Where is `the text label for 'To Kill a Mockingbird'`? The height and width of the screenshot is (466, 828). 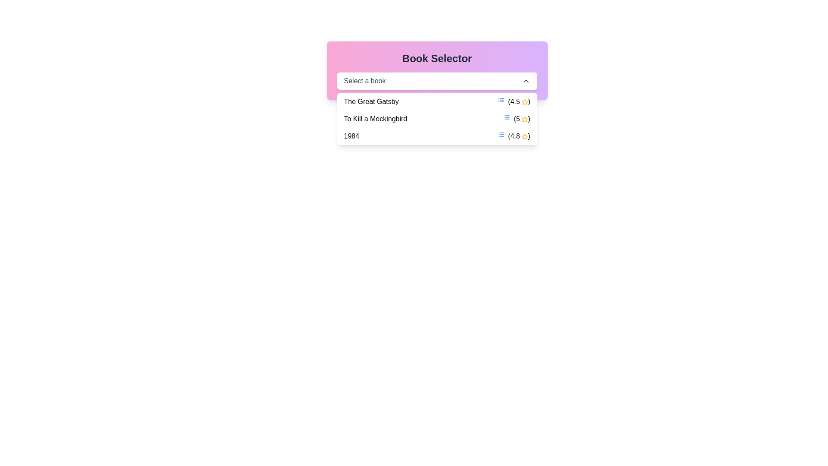
the text label for 'To Kill a Mockingbird' is located at coordinates (375, 119).